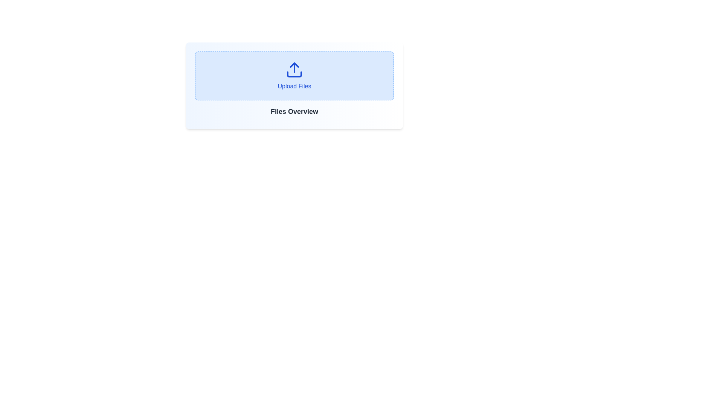  I want to click on the triangle part of the upload icon, which is located in the upper part of the blue rectangle labeled 'Upload Files' within the 'Files Overview' card, so click(294, 65).